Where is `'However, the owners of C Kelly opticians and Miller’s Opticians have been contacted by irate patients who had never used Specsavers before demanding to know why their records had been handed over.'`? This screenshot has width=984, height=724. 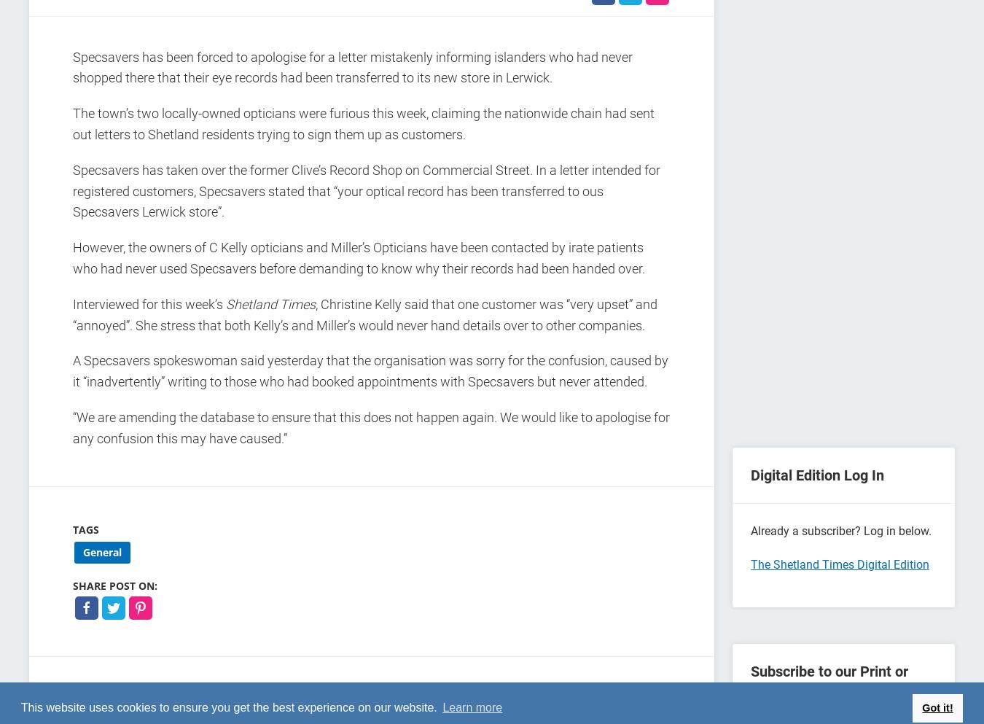 'However, the owners of C Kelly opticians and Miller’s Opticians have been contacted by irate patients who had never used Specsavers before demanding to know why their records had been handed over.' is located at coordinates (358, 257).